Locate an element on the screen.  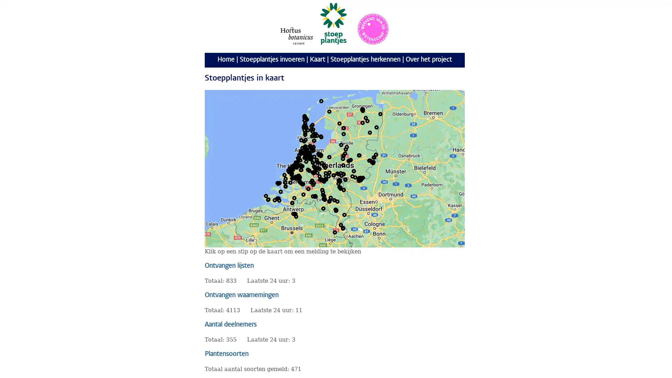
Telling van Cisca op 01 juni 2022 is located at coordinates (289, 169).